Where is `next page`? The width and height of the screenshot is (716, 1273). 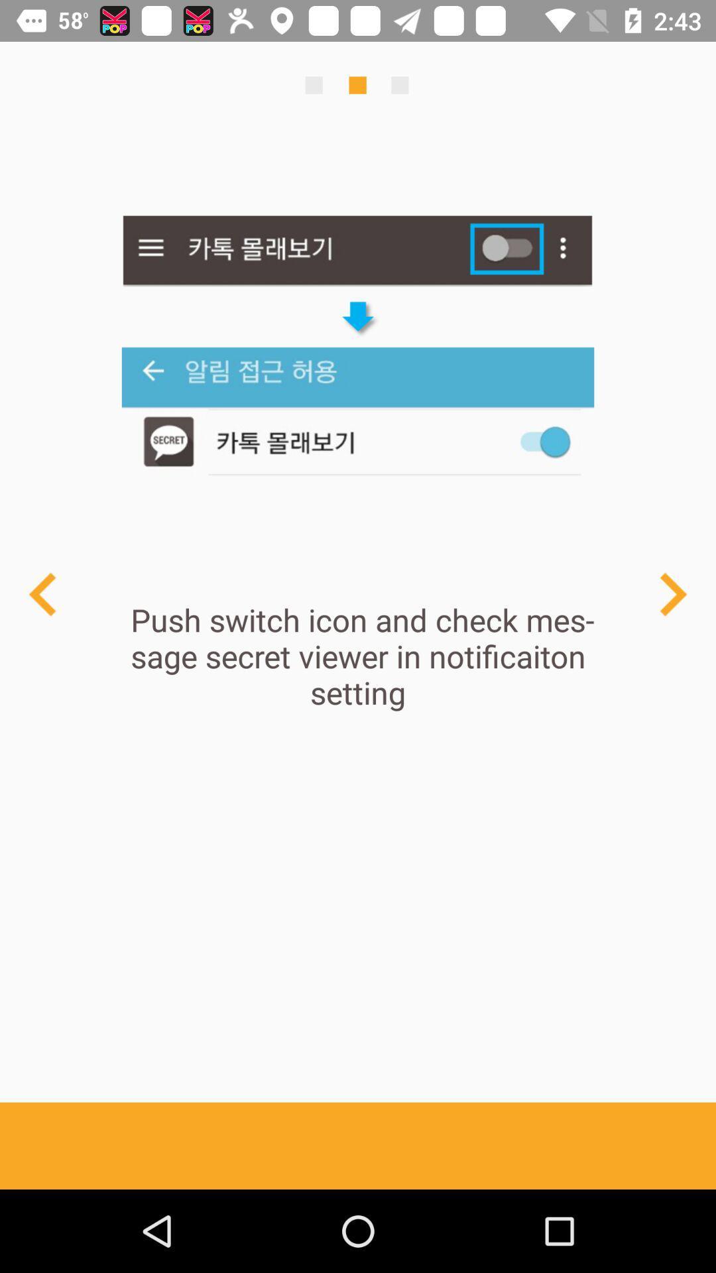
next page is located at coordinates (672, 593).